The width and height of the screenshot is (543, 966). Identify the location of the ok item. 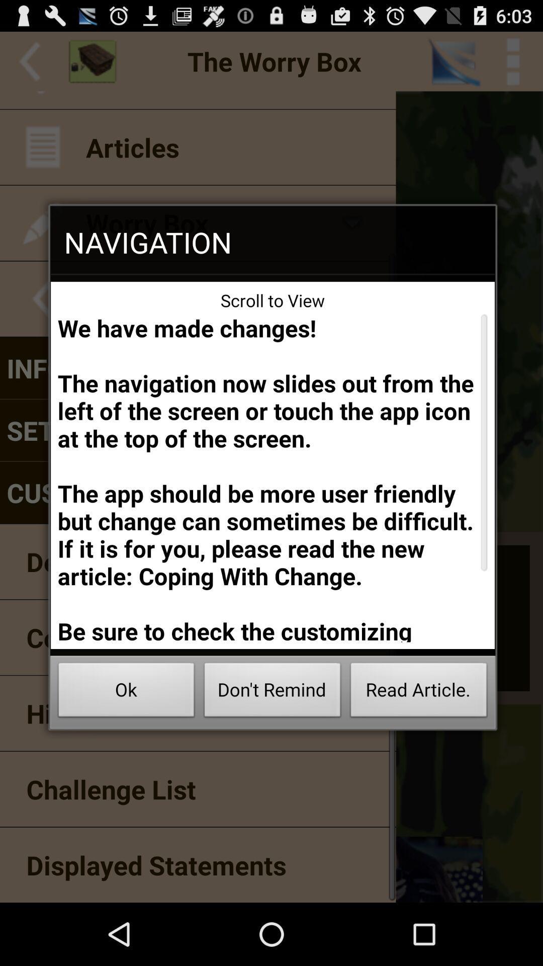
(126, 692).